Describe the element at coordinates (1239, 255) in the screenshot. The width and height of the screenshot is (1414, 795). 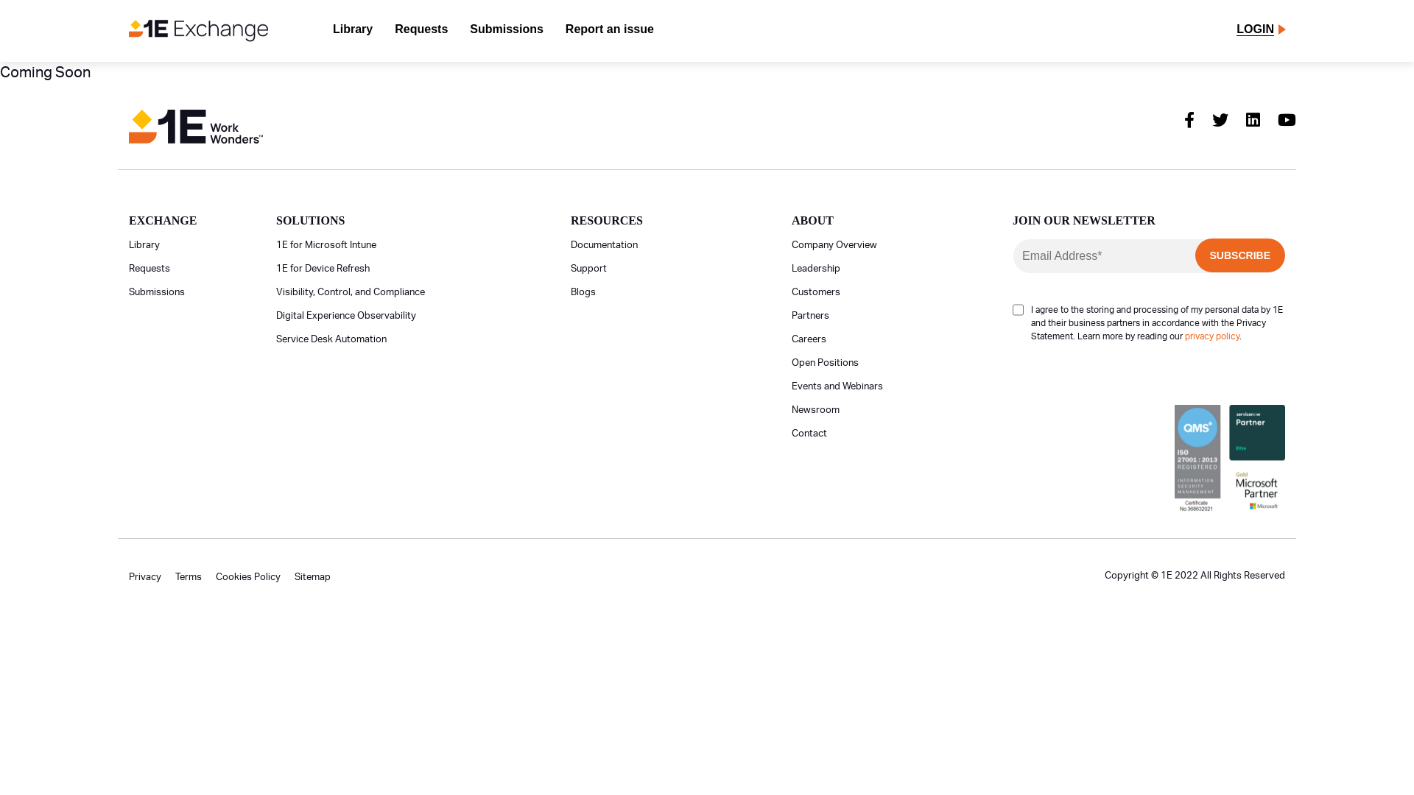
I see `'Subscribe'` at that location.